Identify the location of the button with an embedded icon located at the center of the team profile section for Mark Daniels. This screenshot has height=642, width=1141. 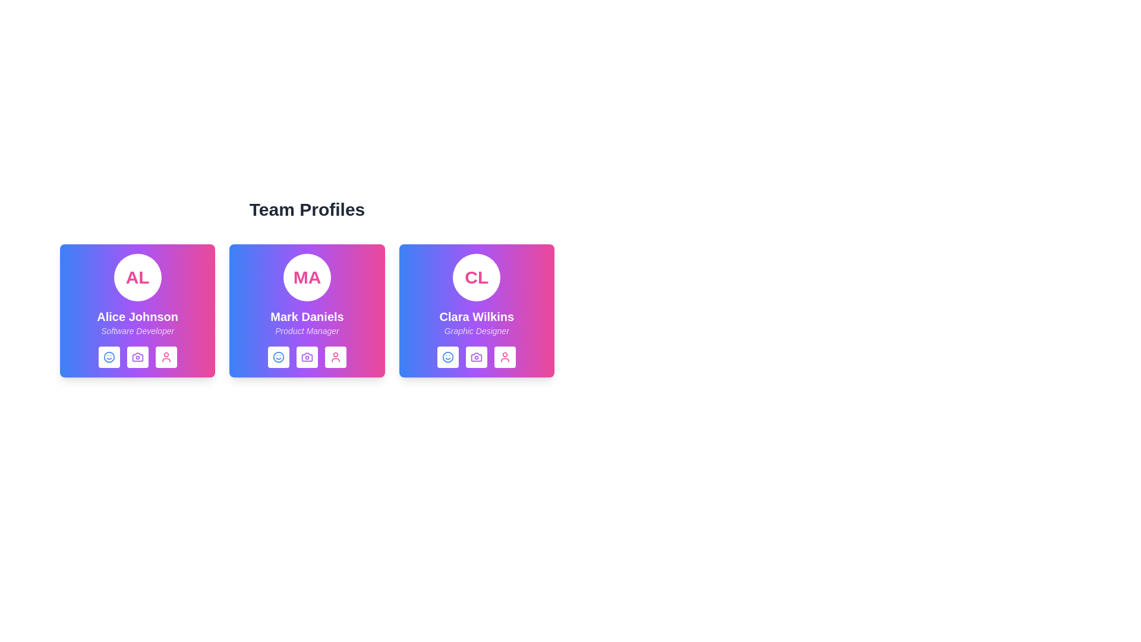
(307, 357).